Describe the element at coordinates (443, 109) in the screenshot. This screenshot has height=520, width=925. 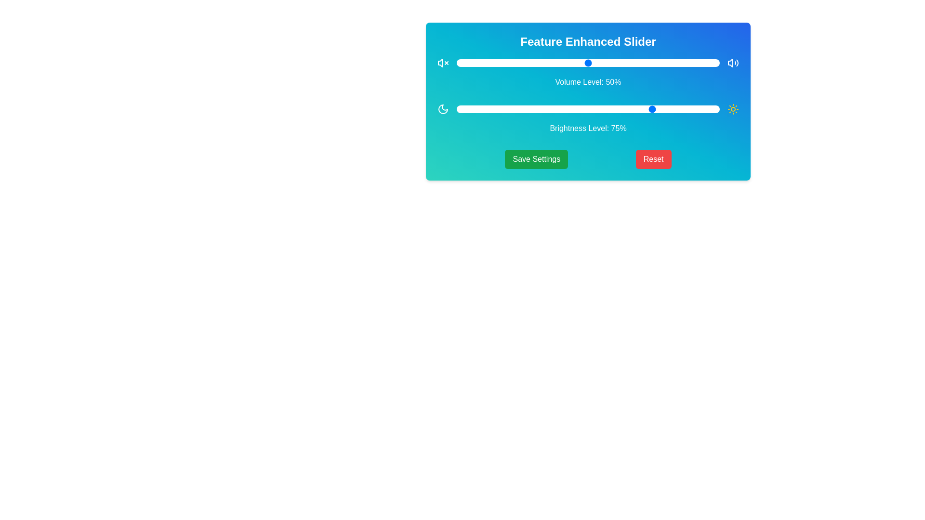
I see `the moon icon, which is the first icon on the left in the horizontal arrangement` at that location.